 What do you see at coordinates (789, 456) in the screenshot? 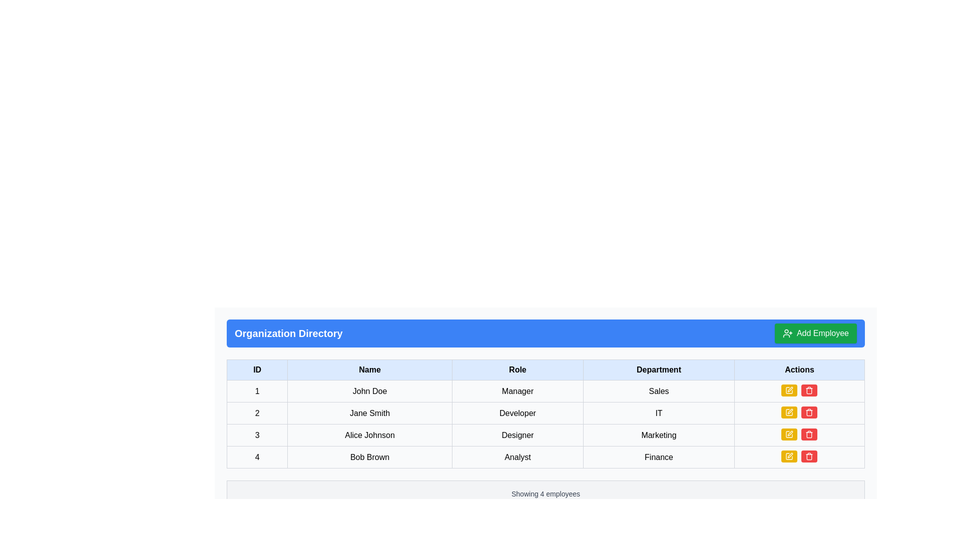
I see `the yellow edit button with a pen icon in the last row of the 'Actions' column of the 'Organization Directory' table to initiate an edit action` at bounding box center [789, 456].